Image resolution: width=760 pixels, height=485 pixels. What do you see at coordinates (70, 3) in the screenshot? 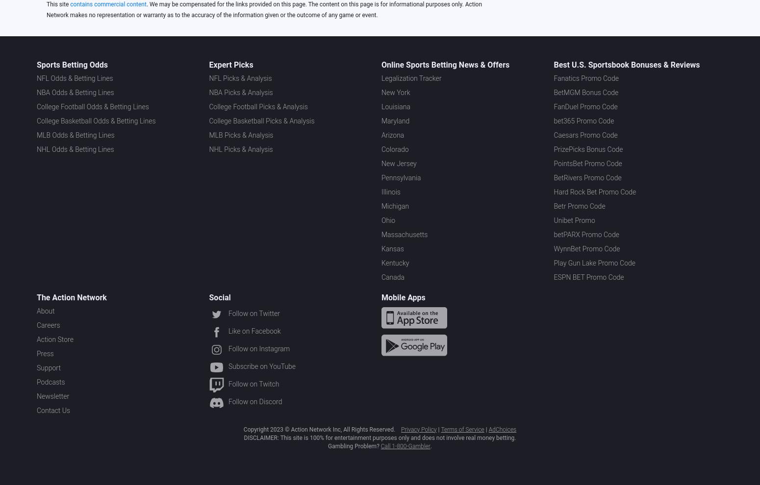
I see `'contains commercial content'` at bounding box center [70, 3].